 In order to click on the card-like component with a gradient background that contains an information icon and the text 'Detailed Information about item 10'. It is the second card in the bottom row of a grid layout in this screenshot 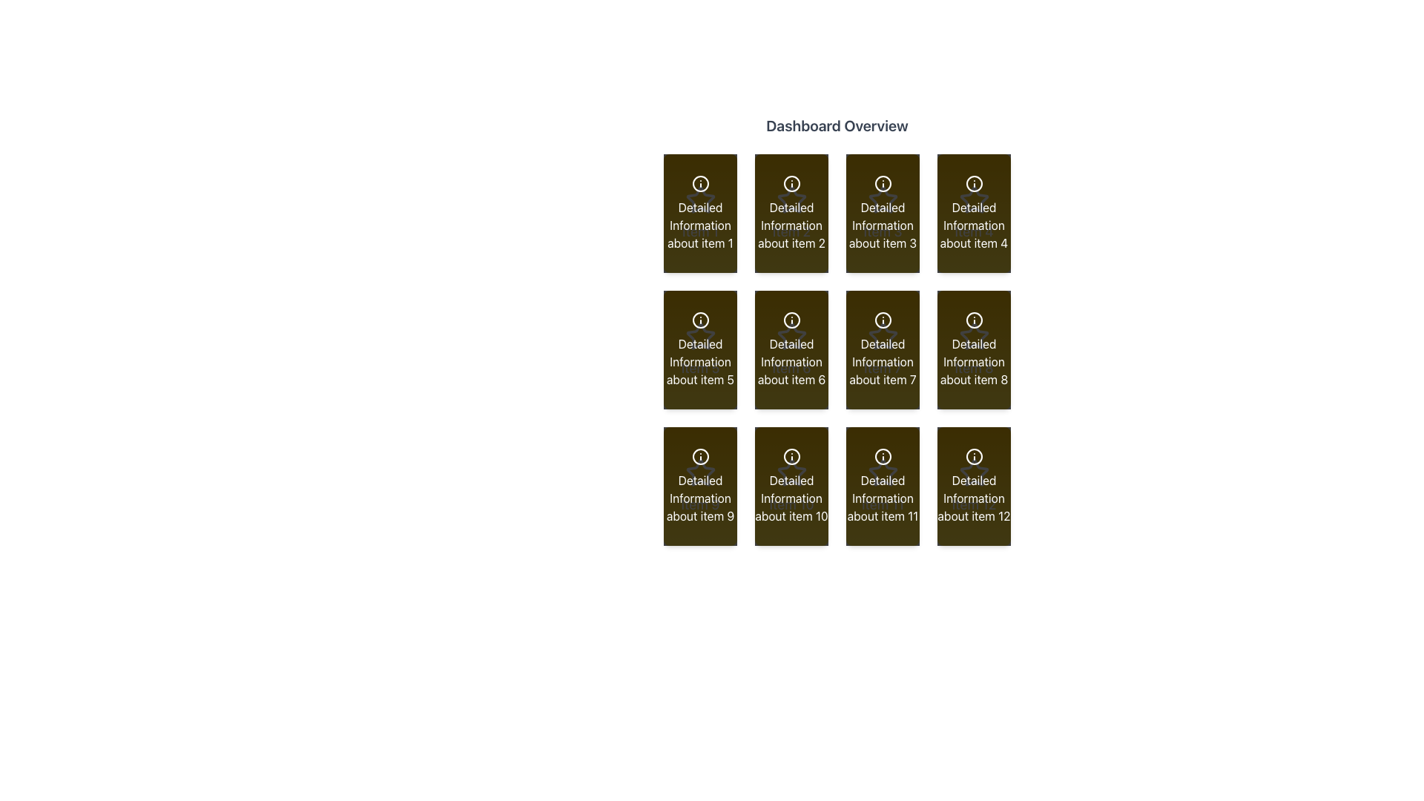, I will do `click(791, 486)`.